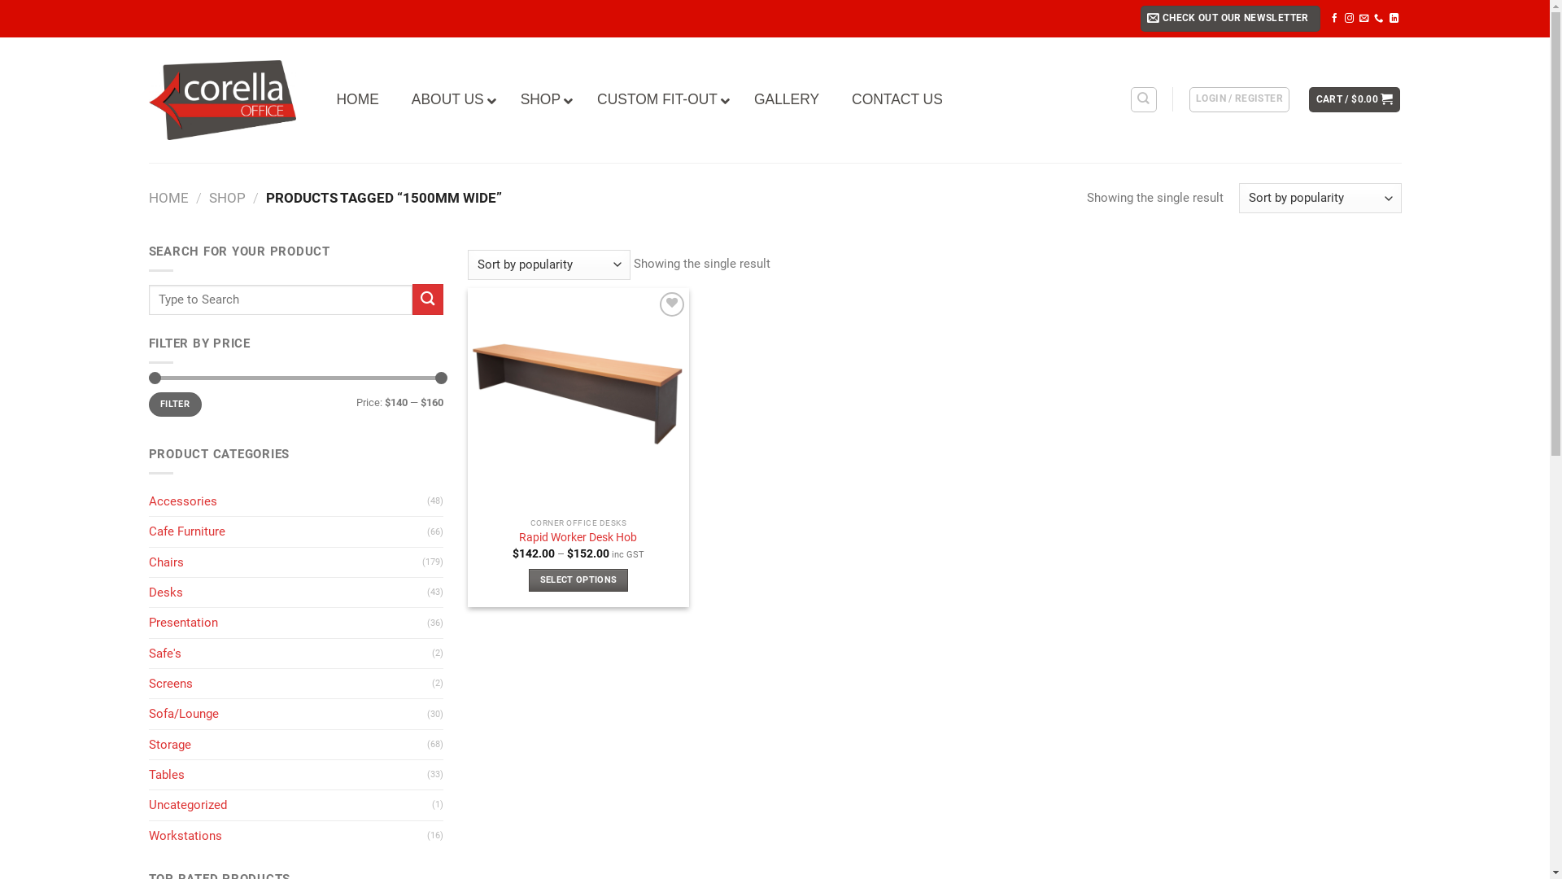  What do you see at coordinates (449, 99) in the screenshot?
I see `'ABOUT US'` at bounding box center [449, 99].